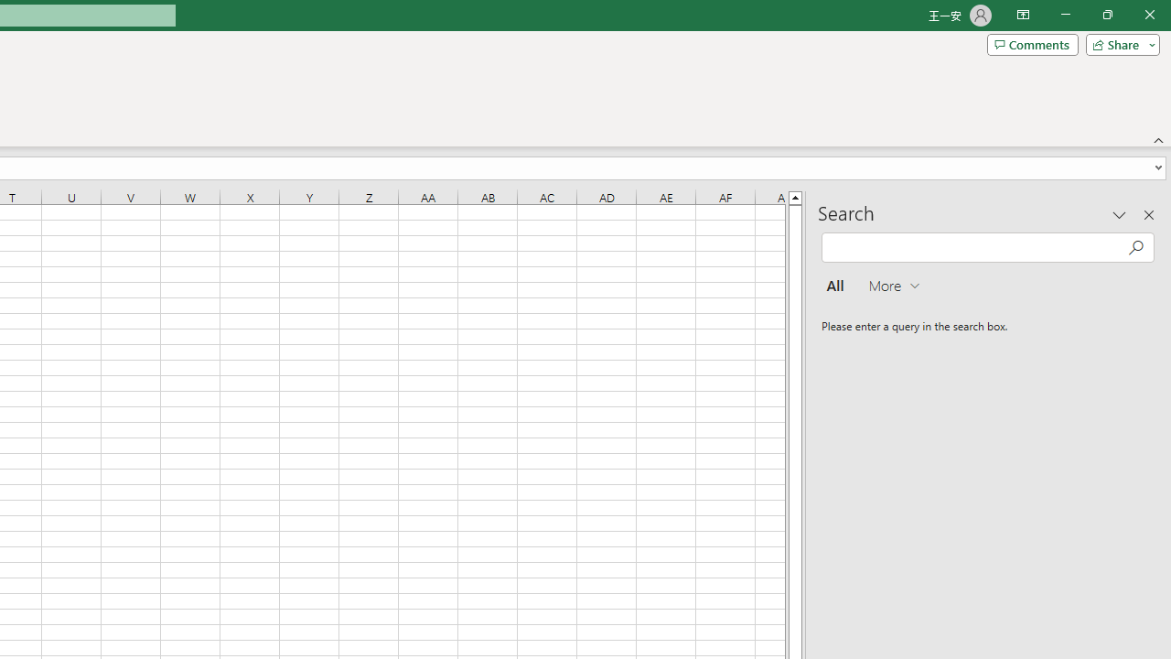 The height and width of the screenshot is (659, 1171). What do you see at coordinates (1119, 214) in the screenshot?
I see `'Task Pane Options'` at bounding box center [1119, 214].